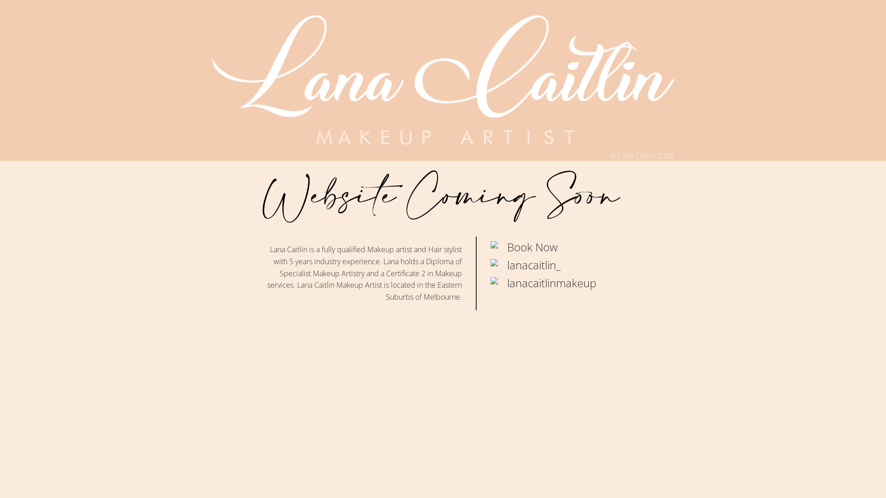 The height and width of the screenshot is (498, 886). I want to click on 'Book Now', so click(532, 246).